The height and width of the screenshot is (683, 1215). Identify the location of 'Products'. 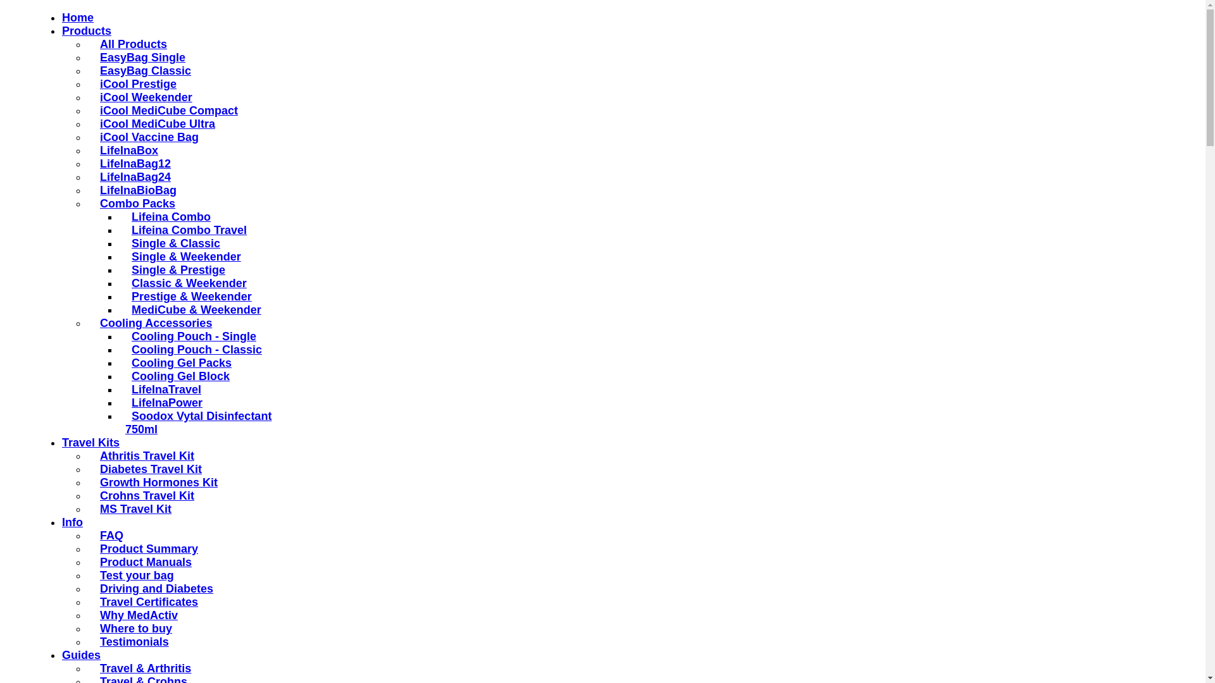
(86, 30).